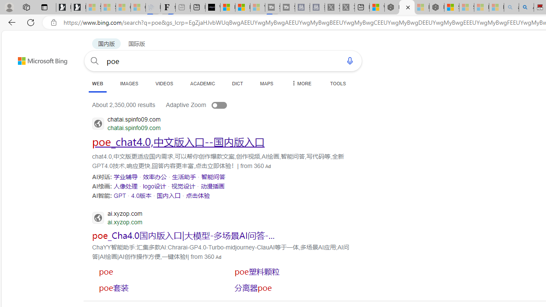  Describe the element at coordinates (31, 22) in the screenshot. I see `'Refresh'` at that location.